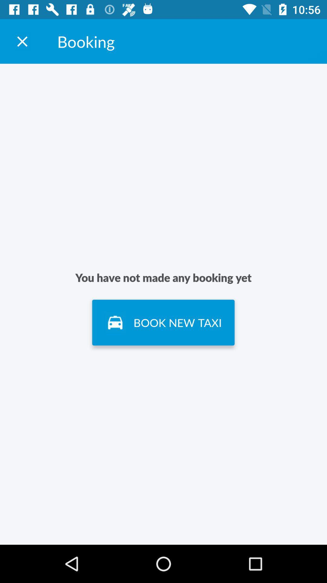 The image size is (327, 583). I want to click on the book new taxi, so click(163, 322).